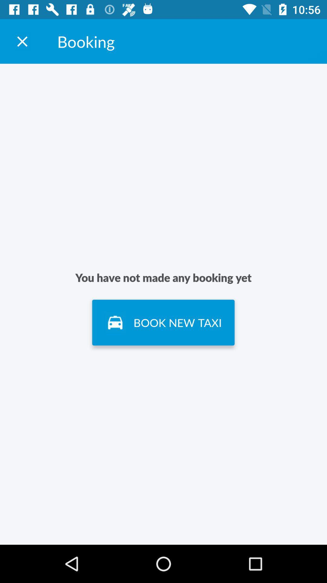 The image size is (327, 583). I want to click on the book new taxi, so click(163, 322).